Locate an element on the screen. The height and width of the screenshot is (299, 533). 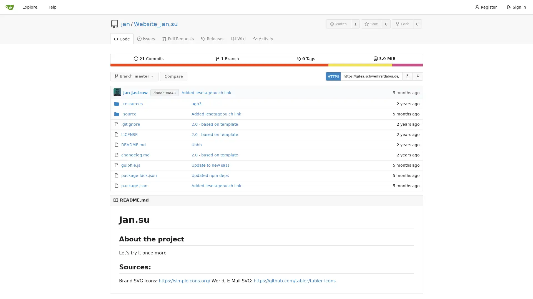
Watch is located at coordinates (338, 24).